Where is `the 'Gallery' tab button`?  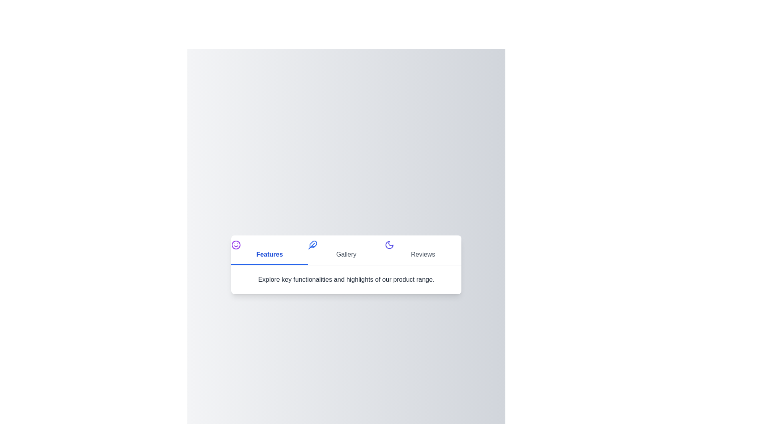
the 'Gallery' tab button is located at coordinates (346, 249).